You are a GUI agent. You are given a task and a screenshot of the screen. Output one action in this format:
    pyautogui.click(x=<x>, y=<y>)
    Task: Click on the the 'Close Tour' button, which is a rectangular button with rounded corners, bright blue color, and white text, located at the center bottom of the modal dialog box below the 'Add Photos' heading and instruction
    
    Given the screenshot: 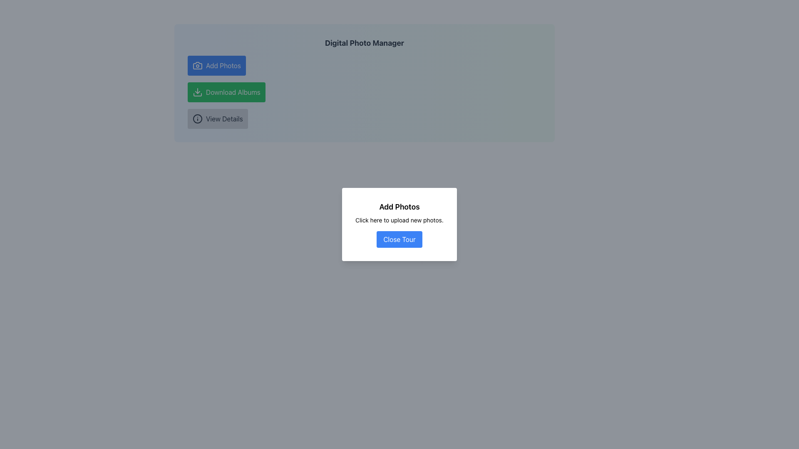 What is the action you would take?
    pyautogui.click(x=399, y=239)
    